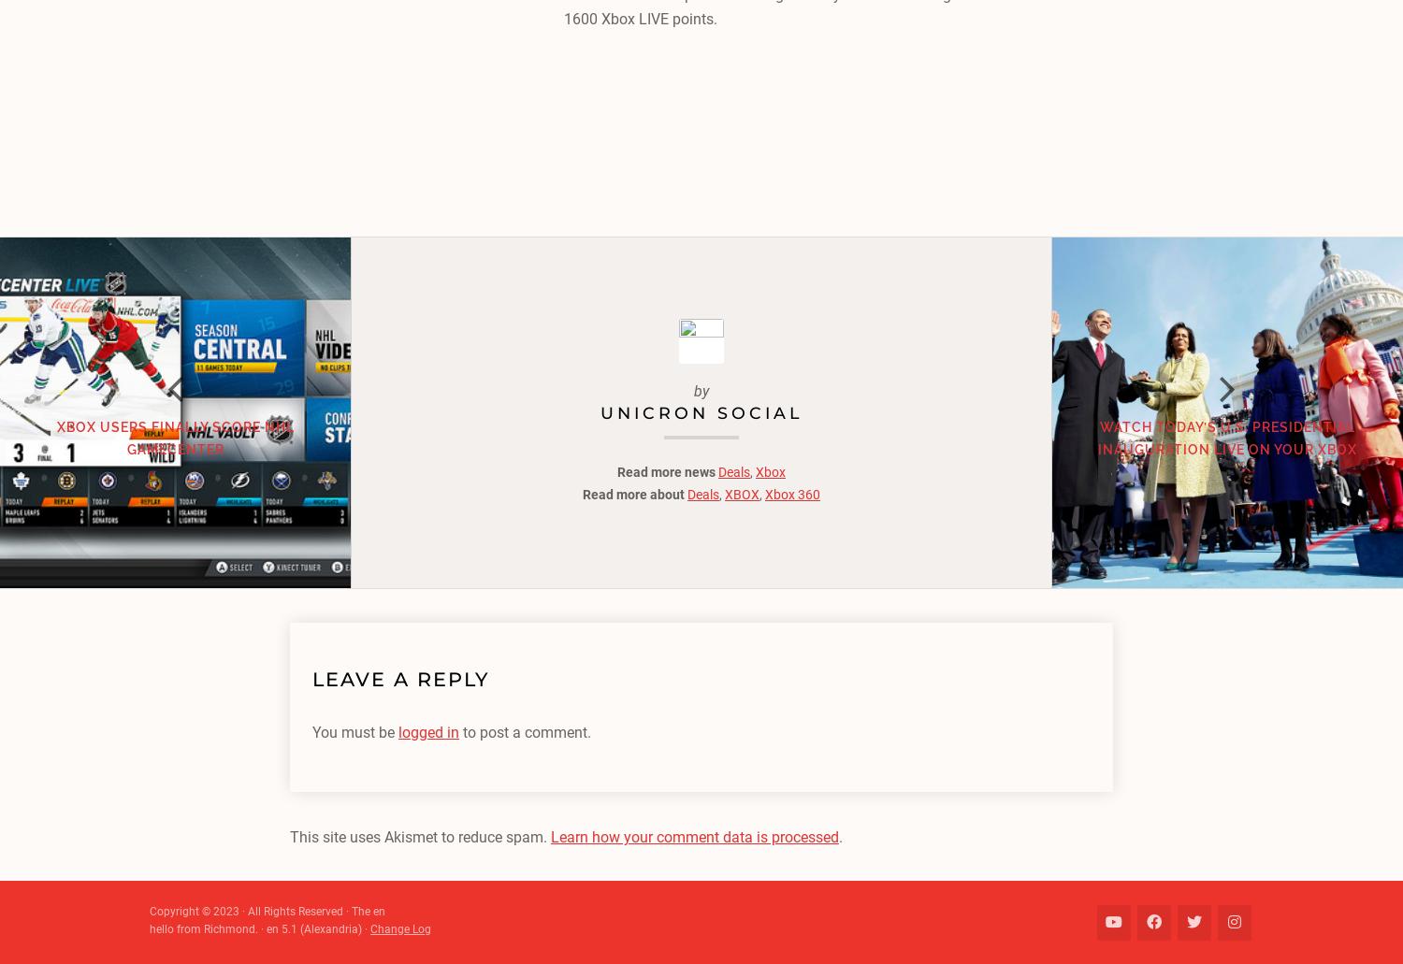 This screenshot has height=964, width=1403. I want to click on 'Watch today’s U.S. Presidential Inauguration live on your Xbox', so click(1227, 437).